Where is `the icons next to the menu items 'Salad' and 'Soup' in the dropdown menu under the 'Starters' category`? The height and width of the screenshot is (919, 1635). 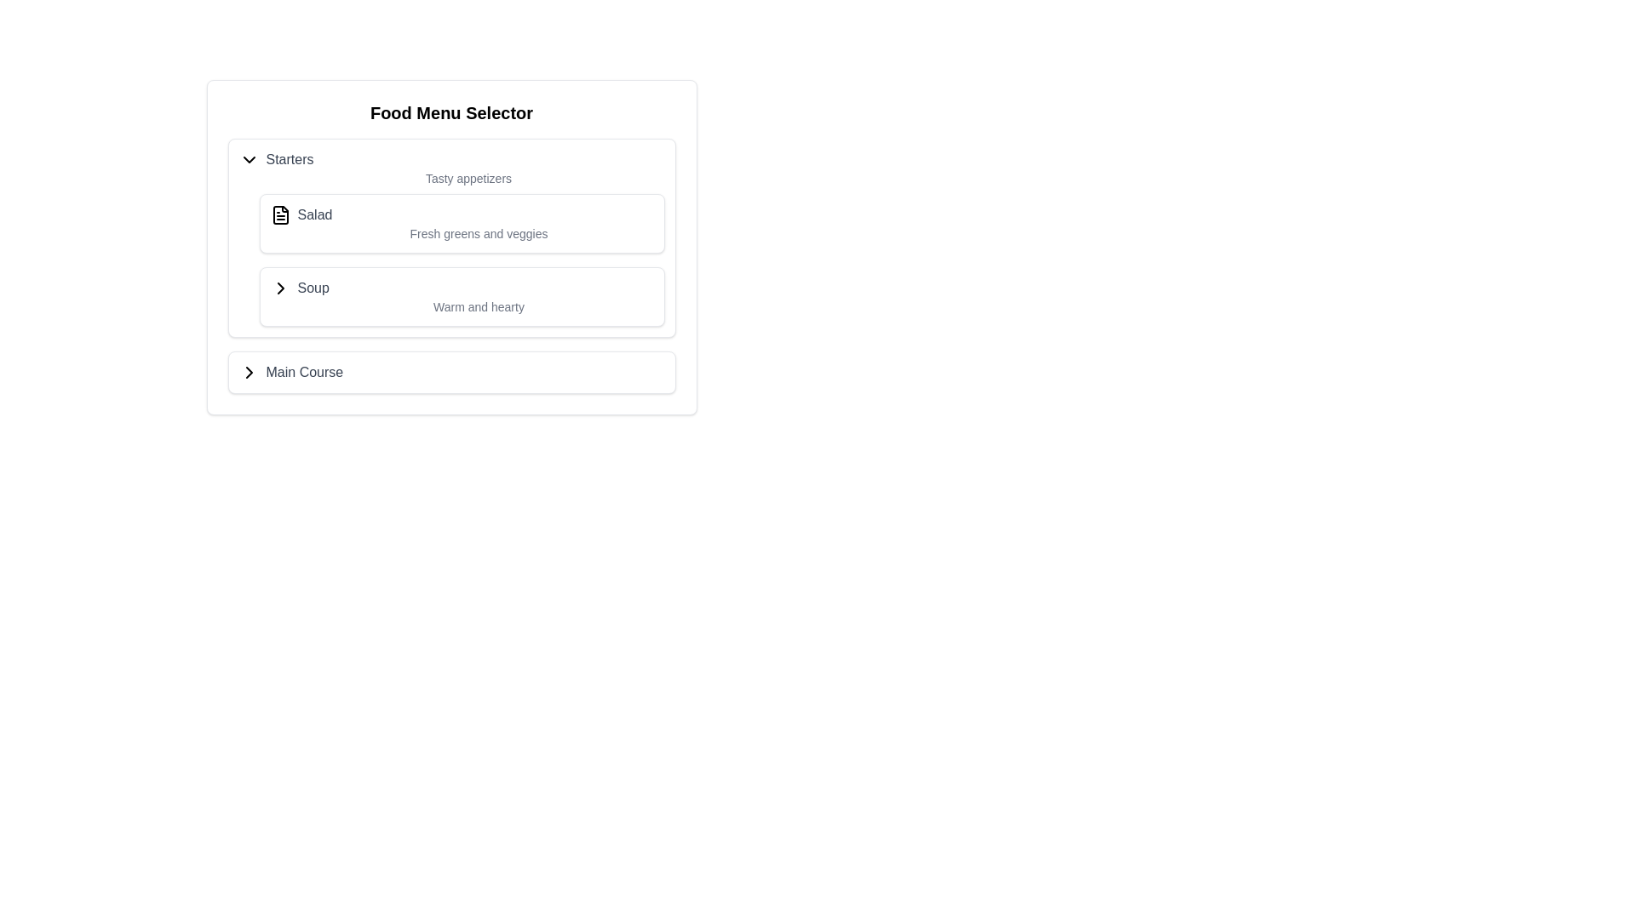
the icons next to the menu items 'Salad' and 'Soup' in the dropdown menu under the 'Starters' category is located at coordinates (451, 260).